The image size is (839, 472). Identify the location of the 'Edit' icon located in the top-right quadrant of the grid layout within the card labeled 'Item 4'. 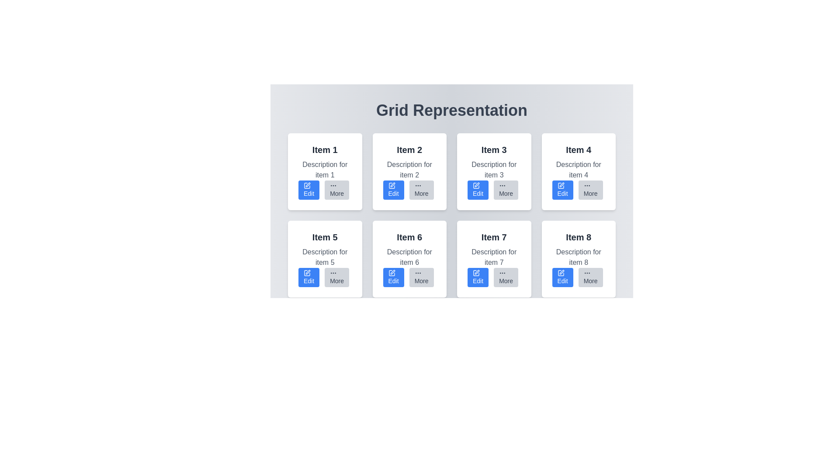
(561, 185).